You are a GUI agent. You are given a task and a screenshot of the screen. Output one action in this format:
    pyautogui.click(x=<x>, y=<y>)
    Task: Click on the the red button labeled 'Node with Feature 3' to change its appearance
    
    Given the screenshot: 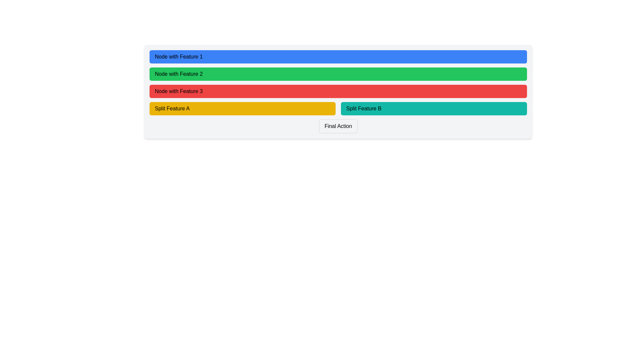 What is the action you would take?
    pyautogui.click(x=338, y=91)
    